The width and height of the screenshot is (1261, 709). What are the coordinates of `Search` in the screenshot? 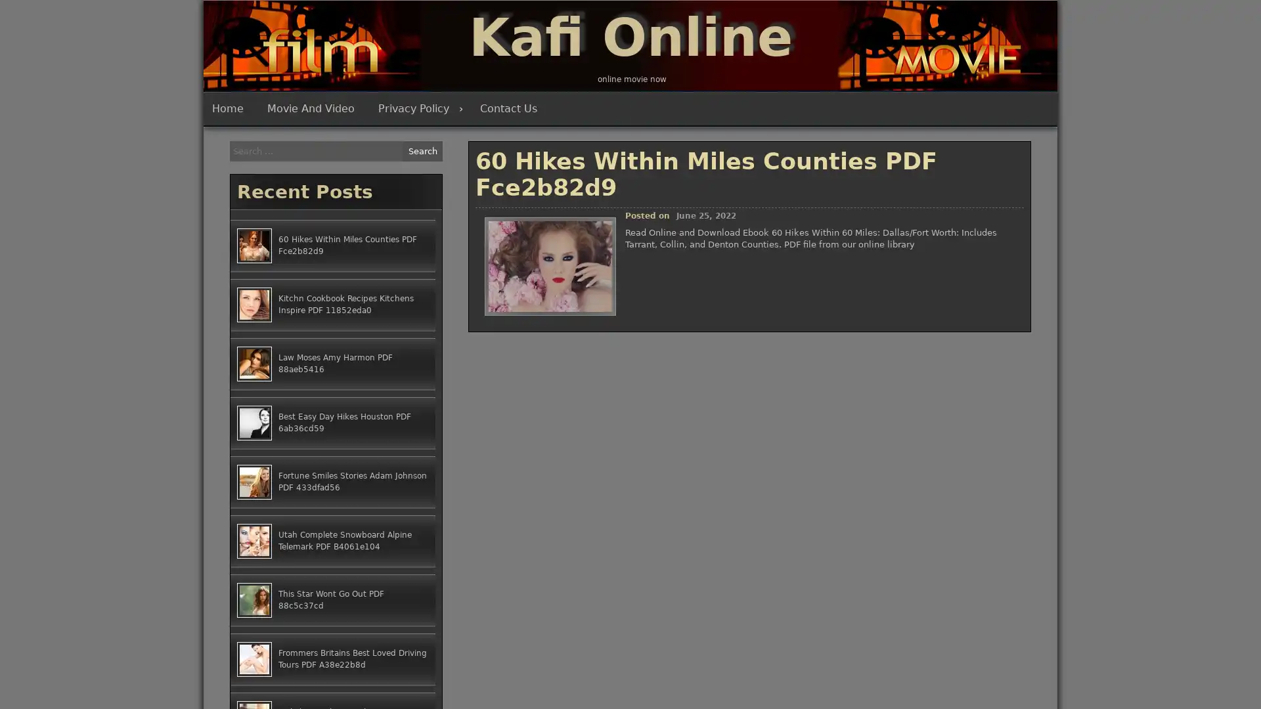 It's located at (422, 150).